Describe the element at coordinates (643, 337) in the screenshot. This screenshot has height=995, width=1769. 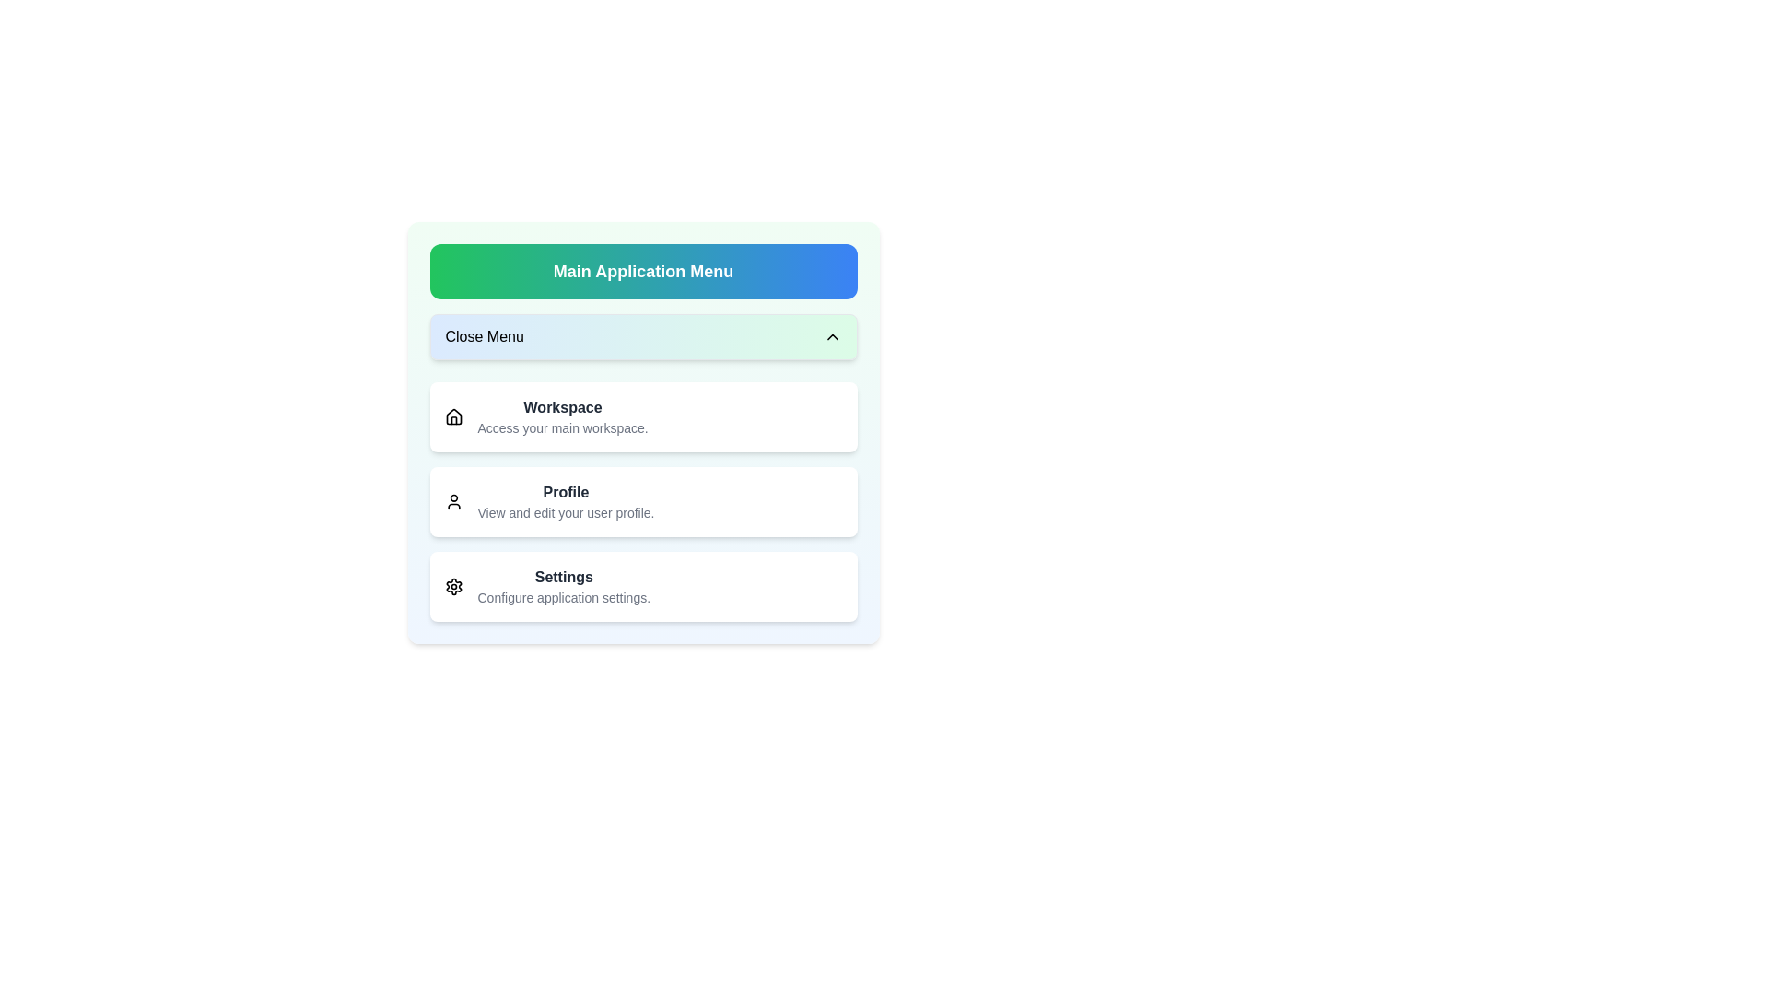
I see `'Close Menu' button to toggle the menu state` at that location.